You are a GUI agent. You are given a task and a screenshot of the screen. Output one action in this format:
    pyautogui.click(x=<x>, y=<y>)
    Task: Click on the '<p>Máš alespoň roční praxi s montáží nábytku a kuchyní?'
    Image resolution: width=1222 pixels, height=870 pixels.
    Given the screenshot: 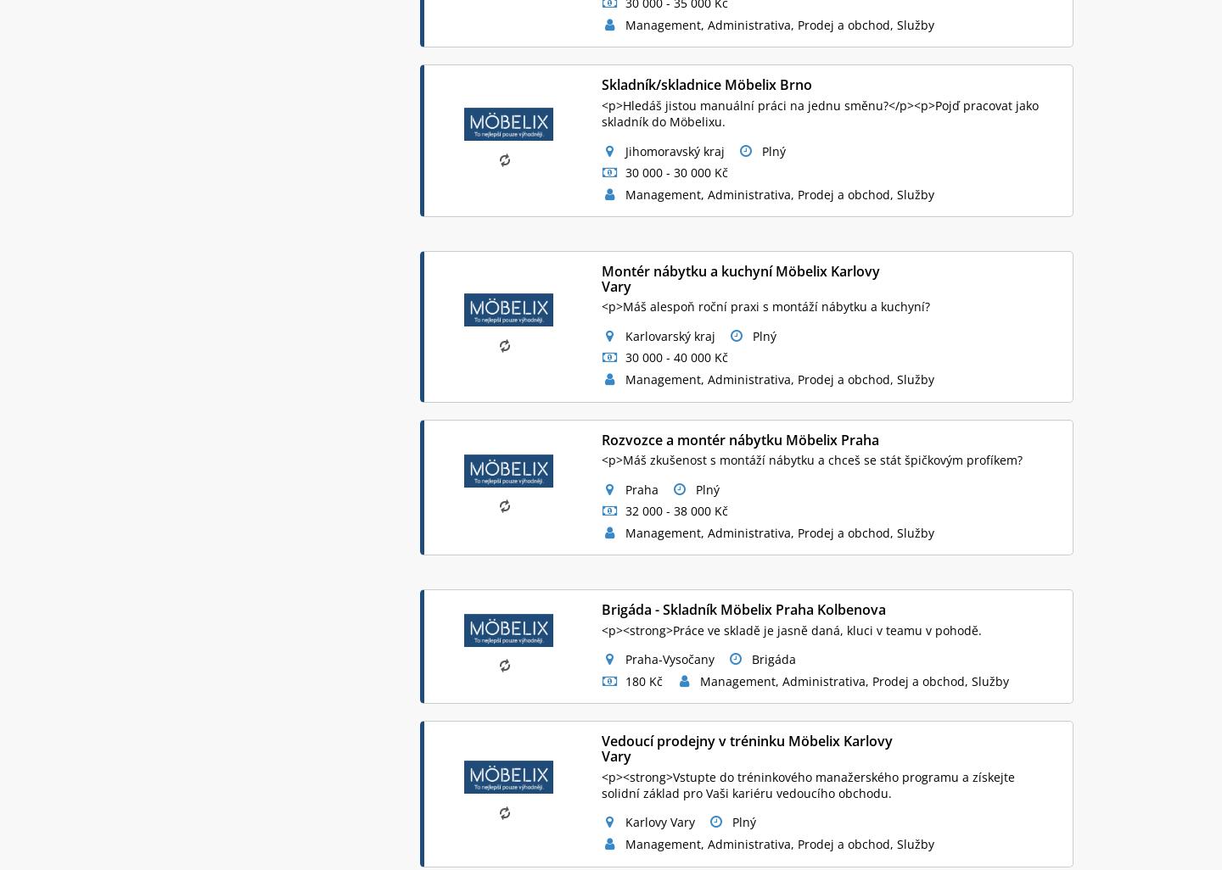 What is the action you would take?
    pyautogui.click(x=765, y=305)
    